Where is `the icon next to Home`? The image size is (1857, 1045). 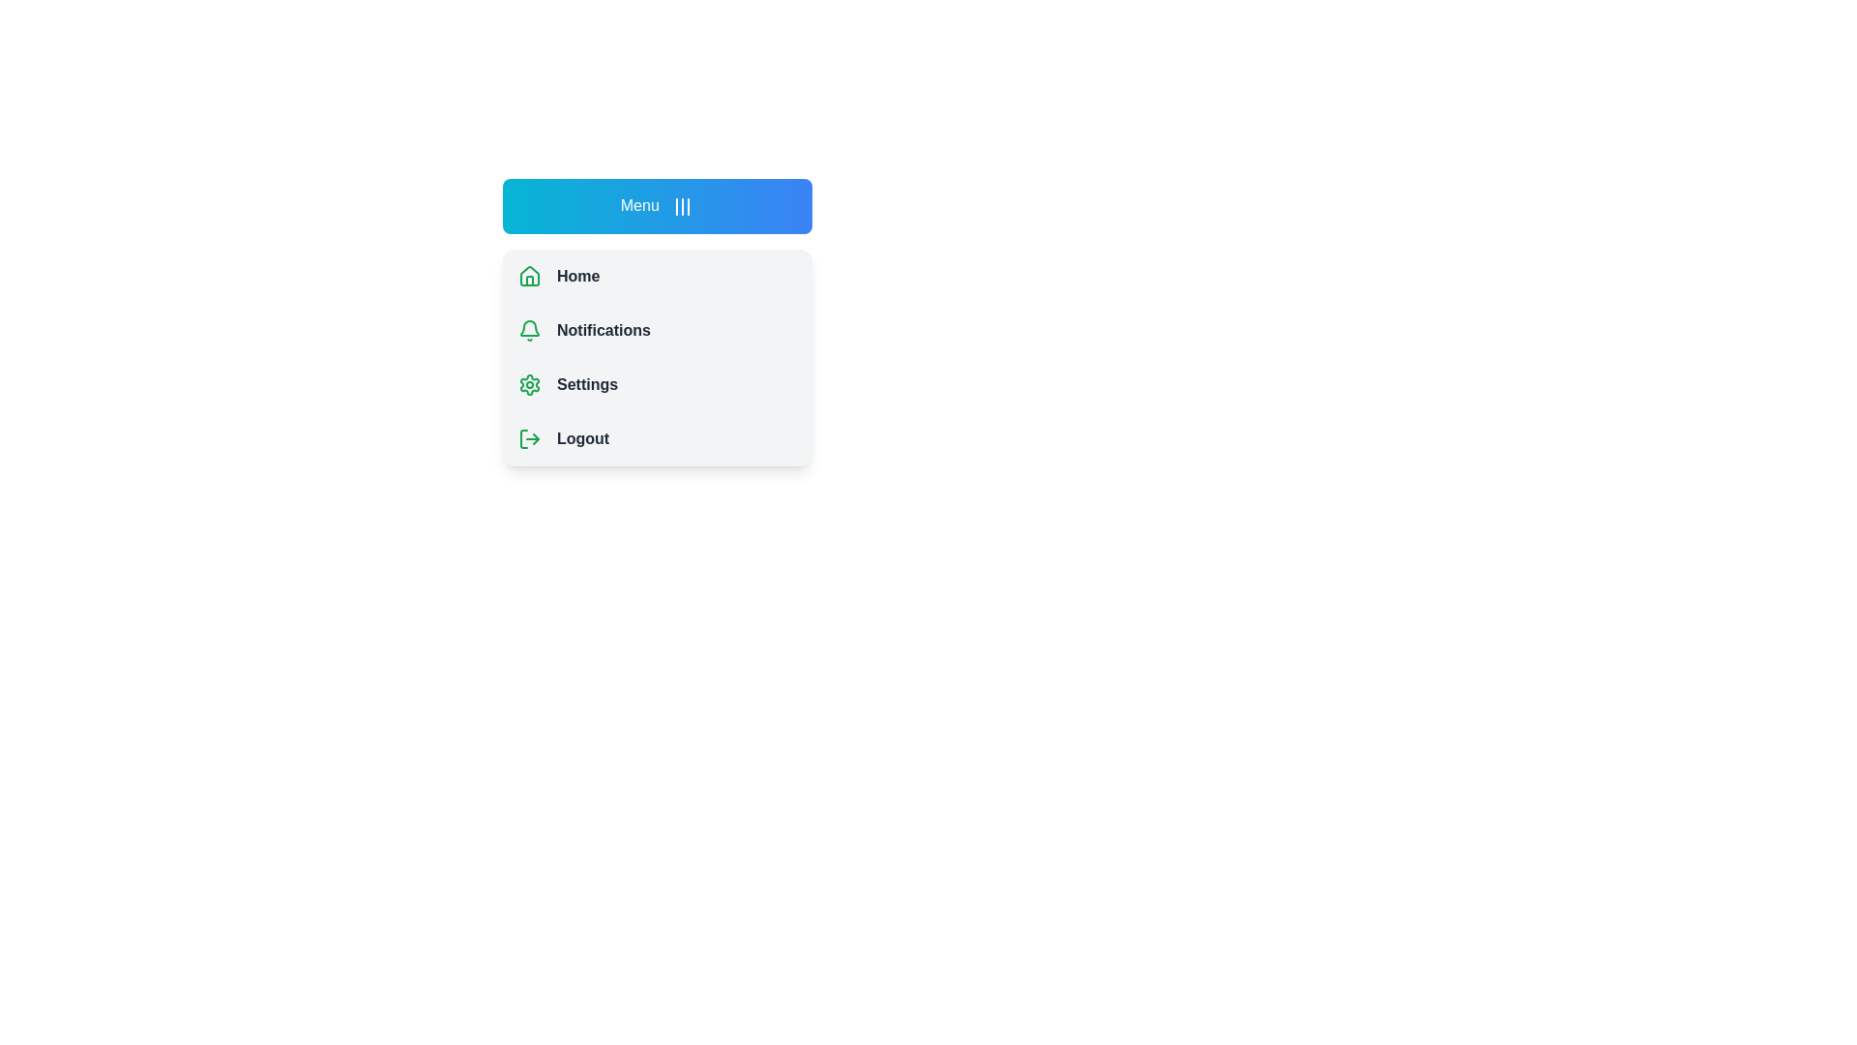
the icon next to Home is located at coordinates (529, 276).